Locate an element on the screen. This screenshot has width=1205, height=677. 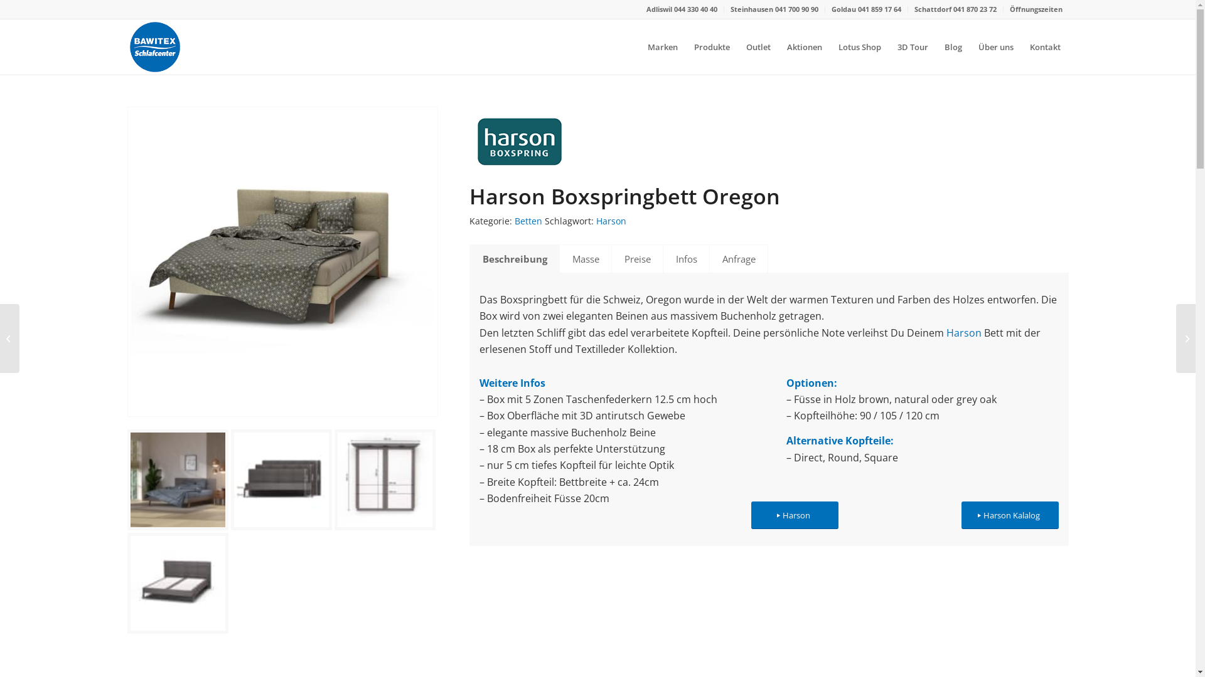
'Markenlogo' is located at coordinates (469, 140).